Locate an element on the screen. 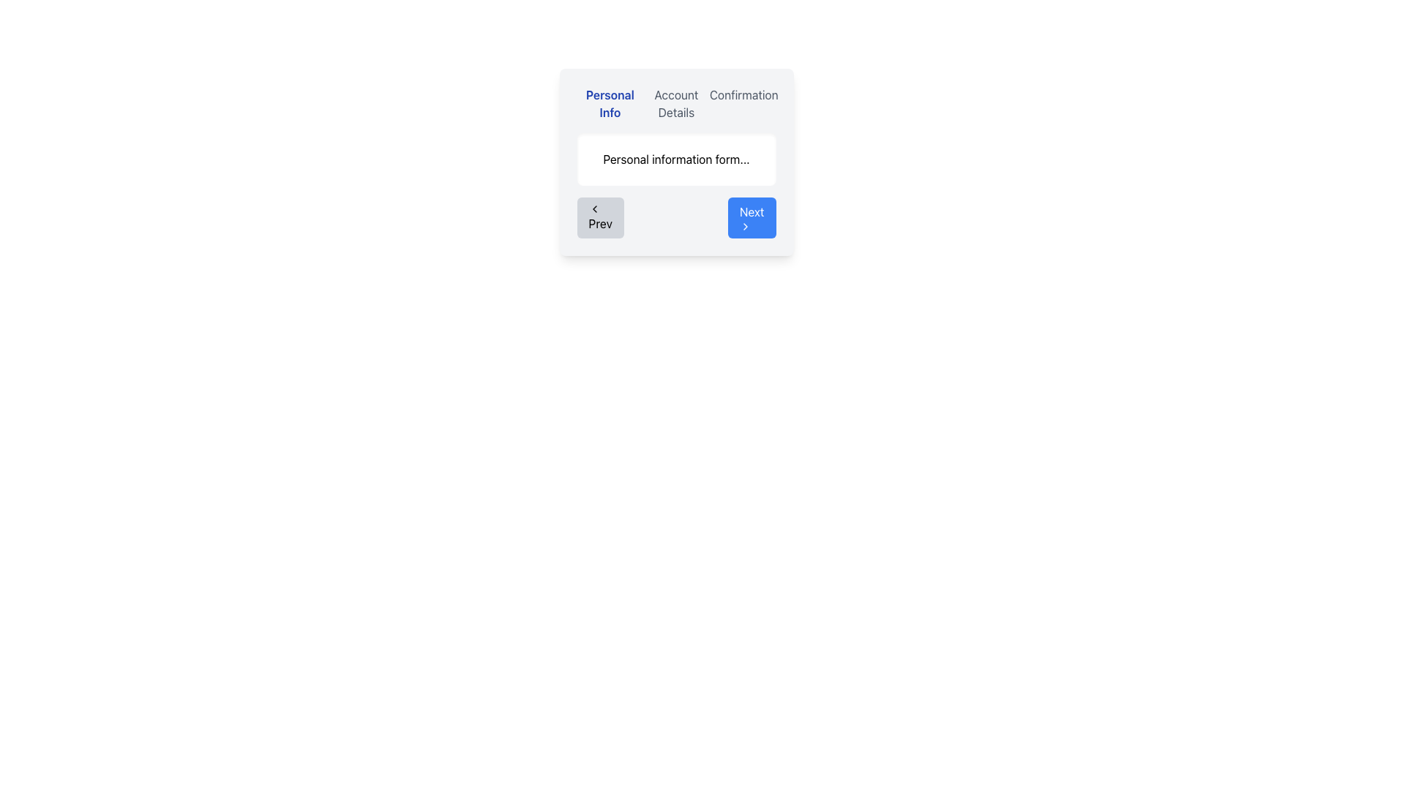 This screenshot has width=1405, height=790. the 'Confirmation' text label, which is the rightmost item in a multi-step navigation indicator at the top of the UI form is located at coordinates (743, 103).